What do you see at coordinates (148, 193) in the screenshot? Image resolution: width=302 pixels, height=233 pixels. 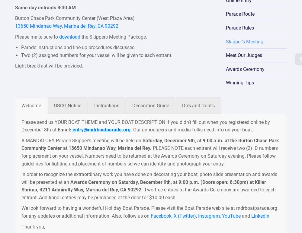 I see `'Two free entries to the Awards Ceremony are awarded to each entrant. Additional entries may be purchased at the door for $10.00 each.'` at bounding box center [148, 193].